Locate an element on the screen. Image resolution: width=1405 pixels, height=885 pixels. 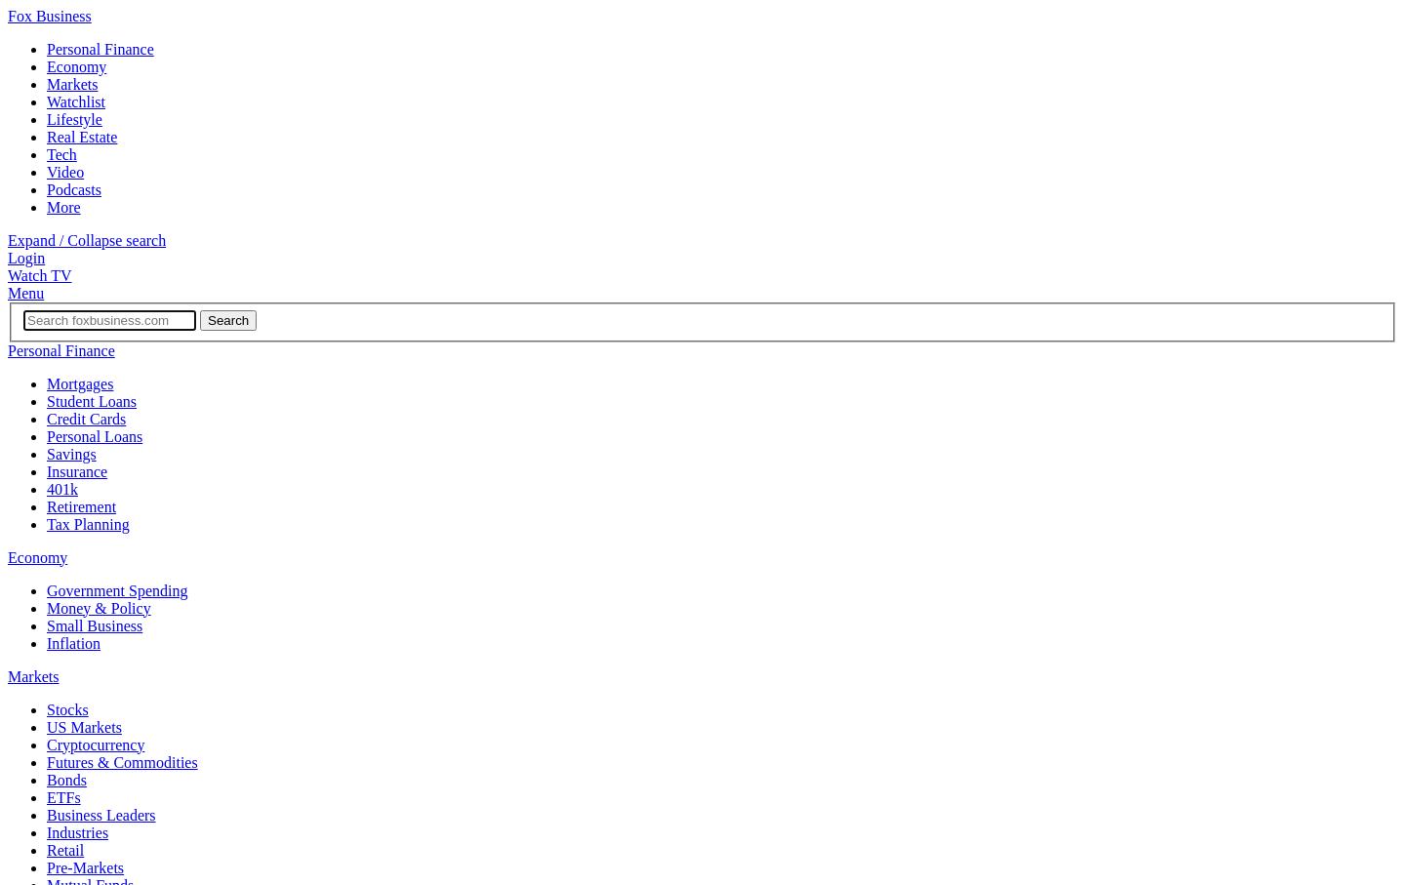
'Government Spending' is located at coordinates (116, 588).